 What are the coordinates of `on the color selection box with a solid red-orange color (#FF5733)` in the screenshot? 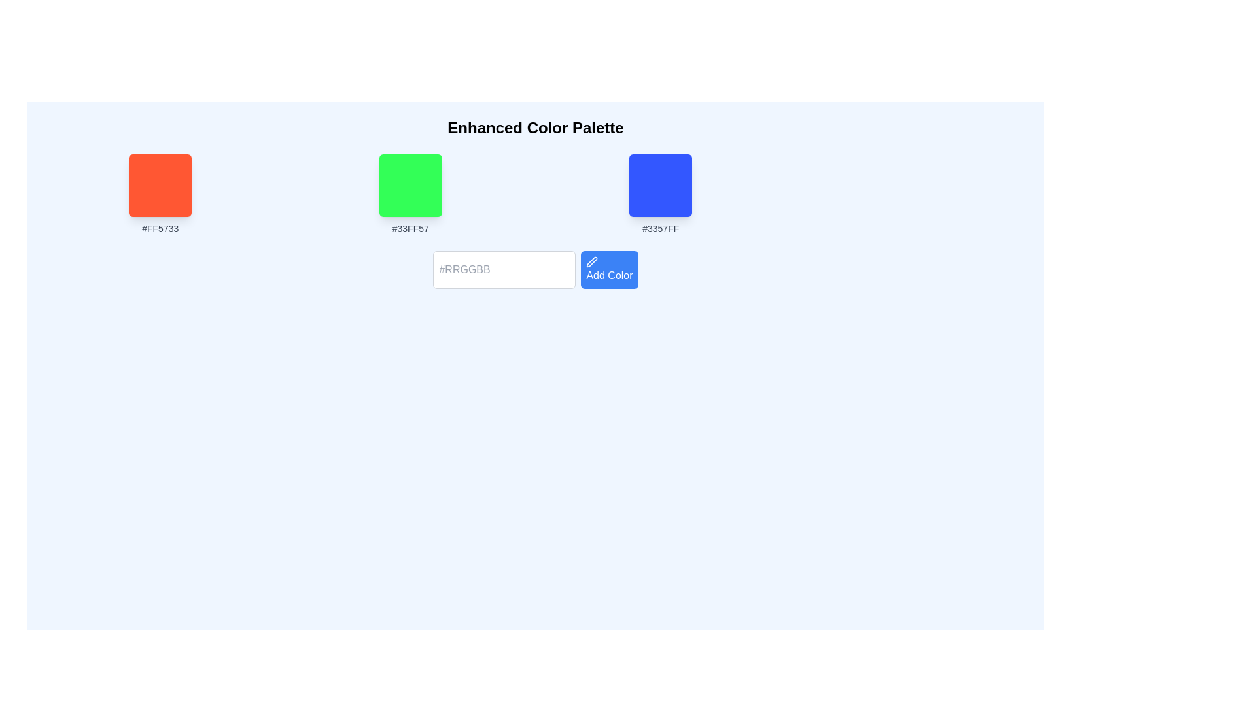 It's located at (160, 186).